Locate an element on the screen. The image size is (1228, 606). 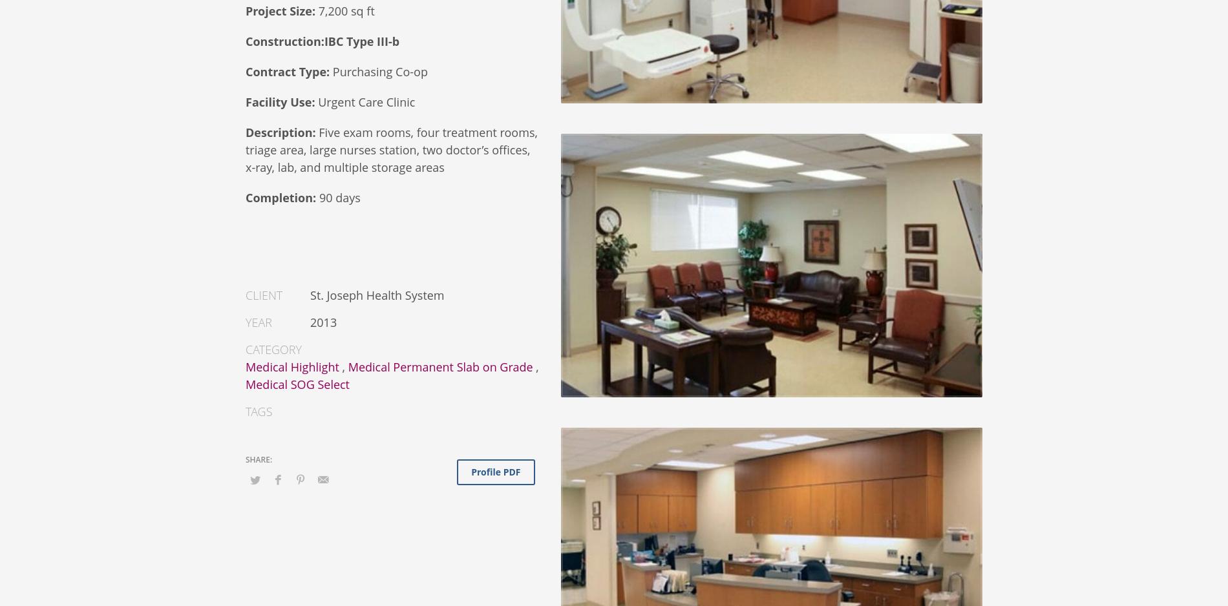
'Project Size:' is located at coordinates (279, 10).